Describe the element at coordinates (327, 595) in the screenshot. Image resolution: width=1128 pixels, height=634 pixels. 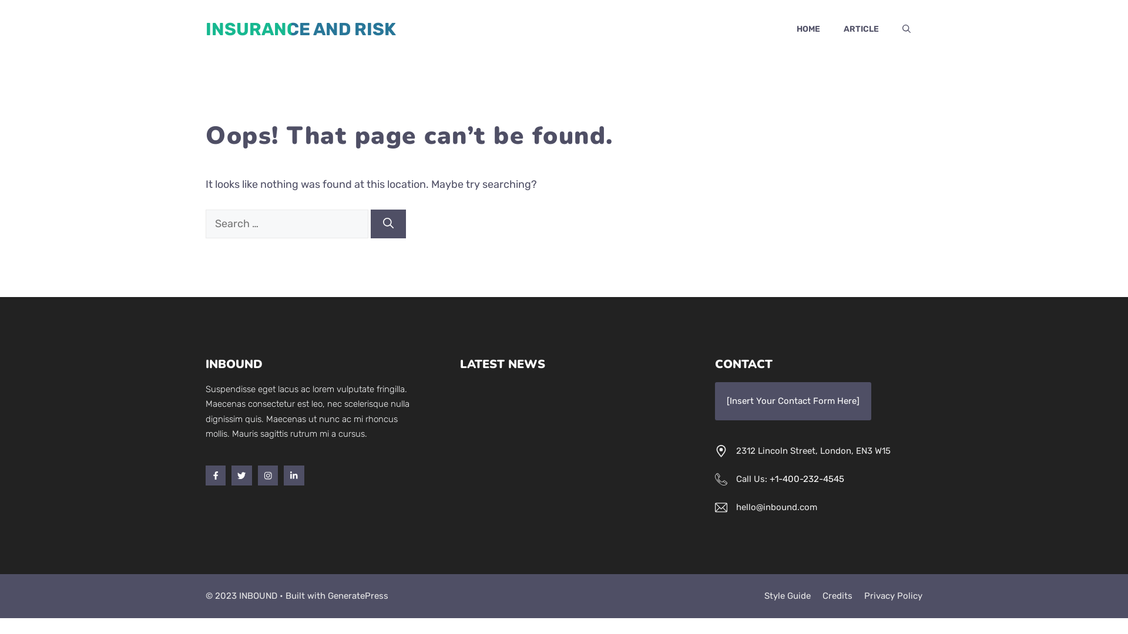
I see `'GeneratePress'` at that location.